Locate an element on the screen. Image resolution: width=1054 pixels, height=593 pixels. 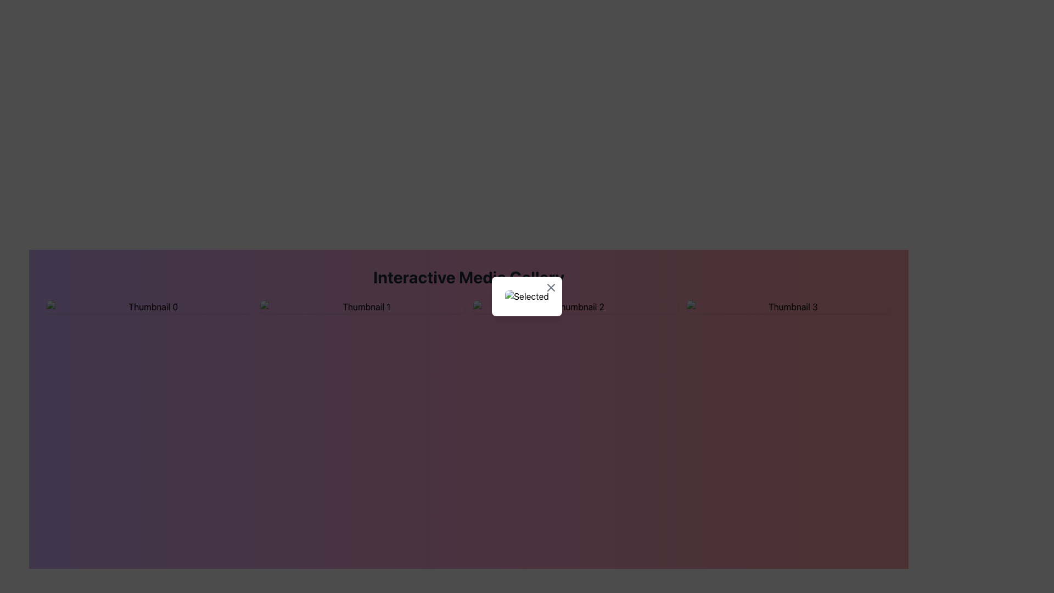
thumbnail image located in the third position of a four-column grid layout by hovering over it to view its visual details is located at coordinates (575, 307).